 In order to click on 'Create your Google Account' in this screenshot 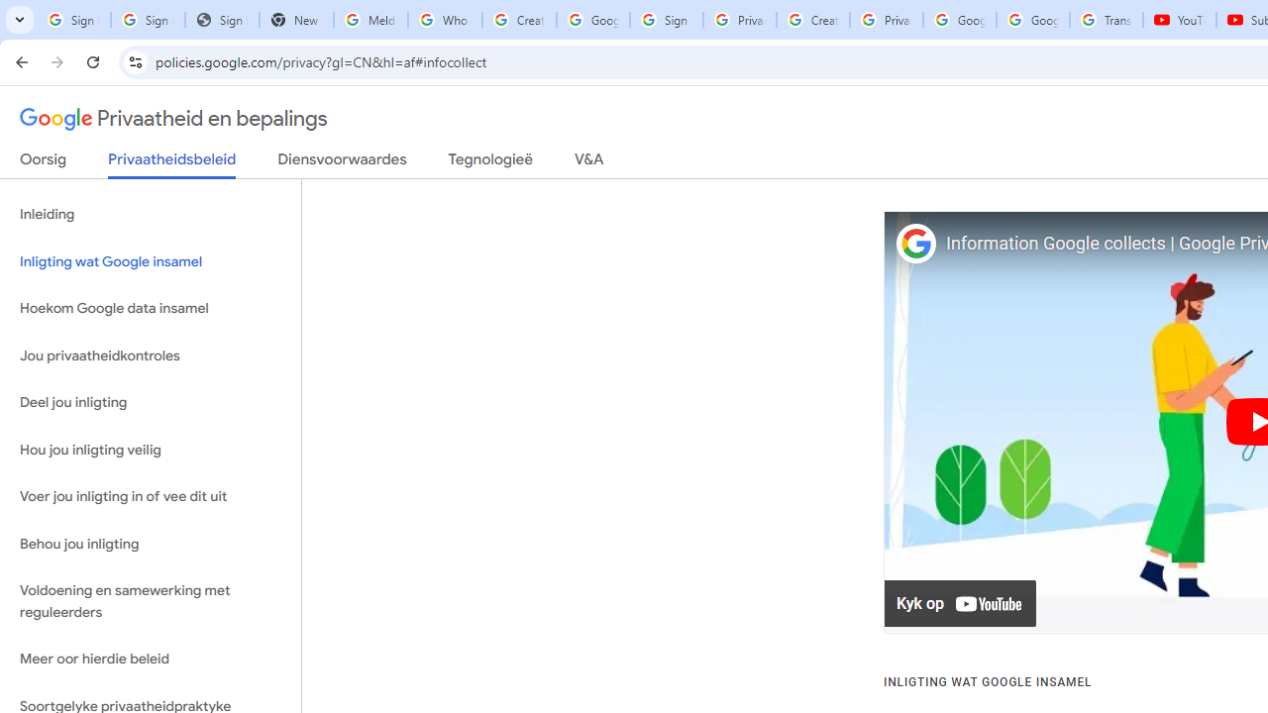, I will do `click(519, 20)`.